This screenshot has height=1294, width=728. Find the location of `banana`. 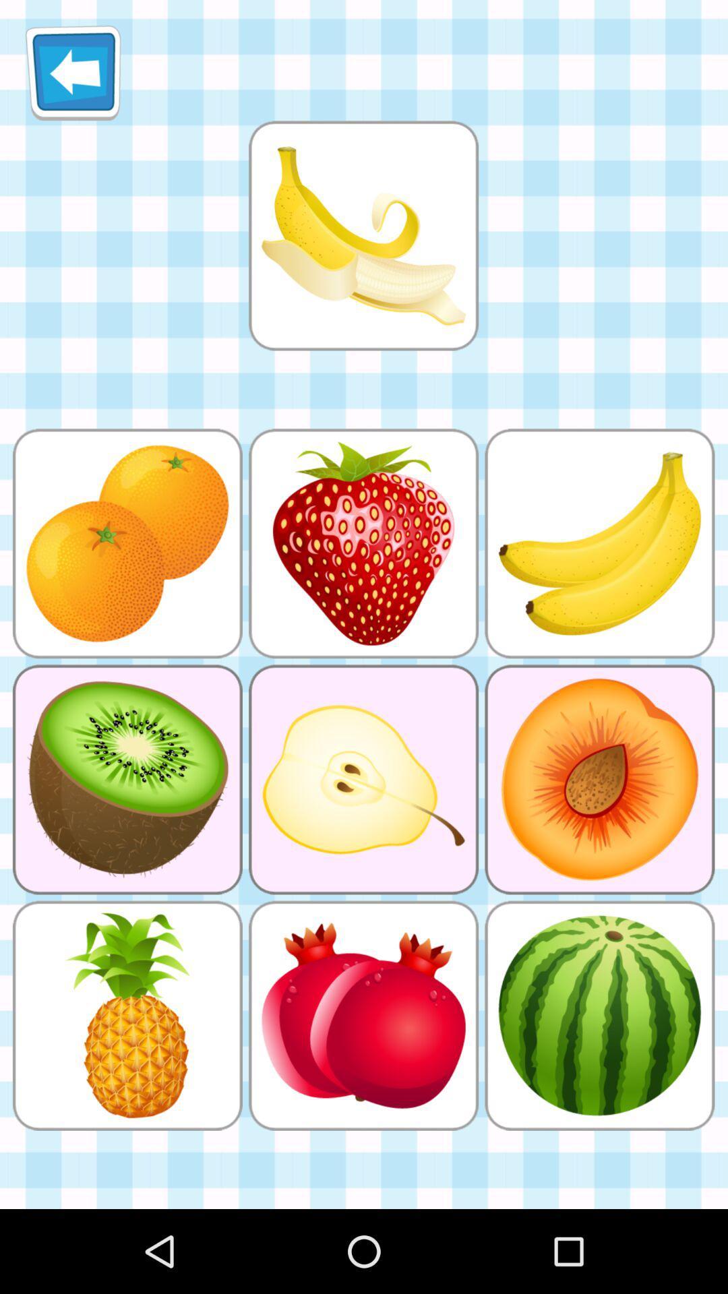

banana is located at coordinates (363, 235).